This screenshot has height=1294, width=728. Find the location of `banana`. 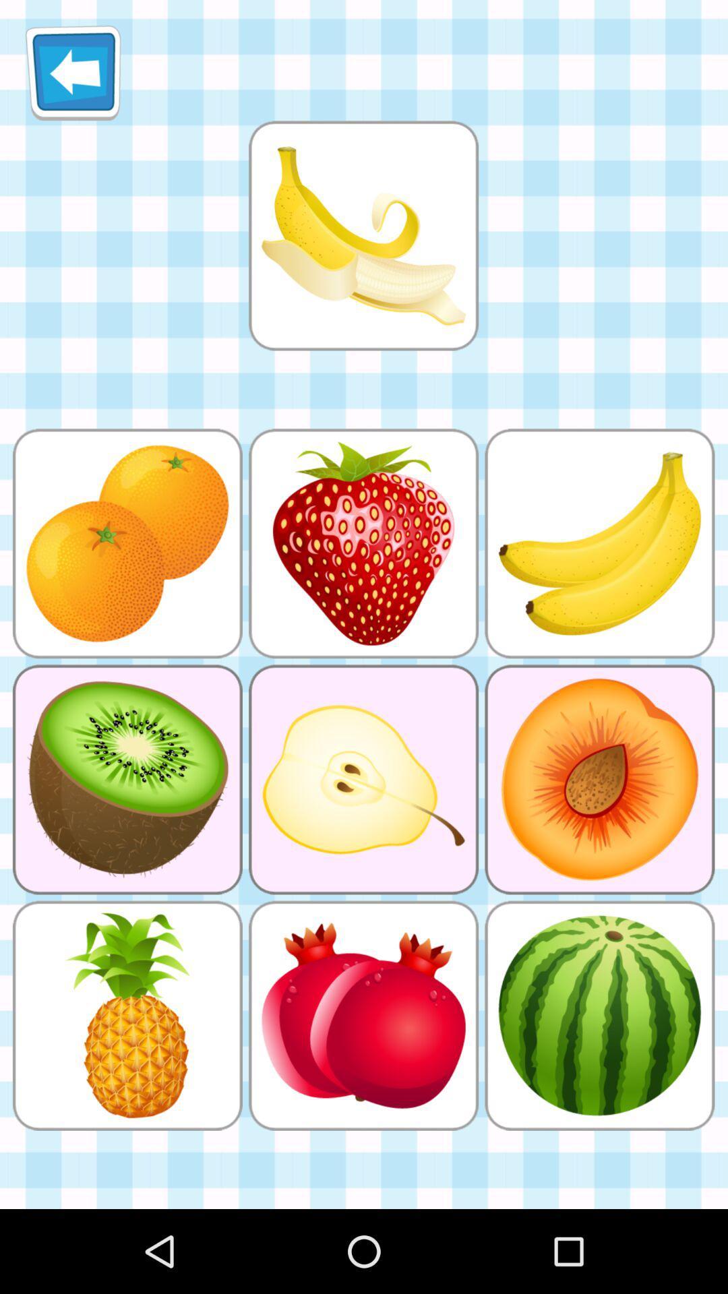

banana is located at coordinates (363, 235).